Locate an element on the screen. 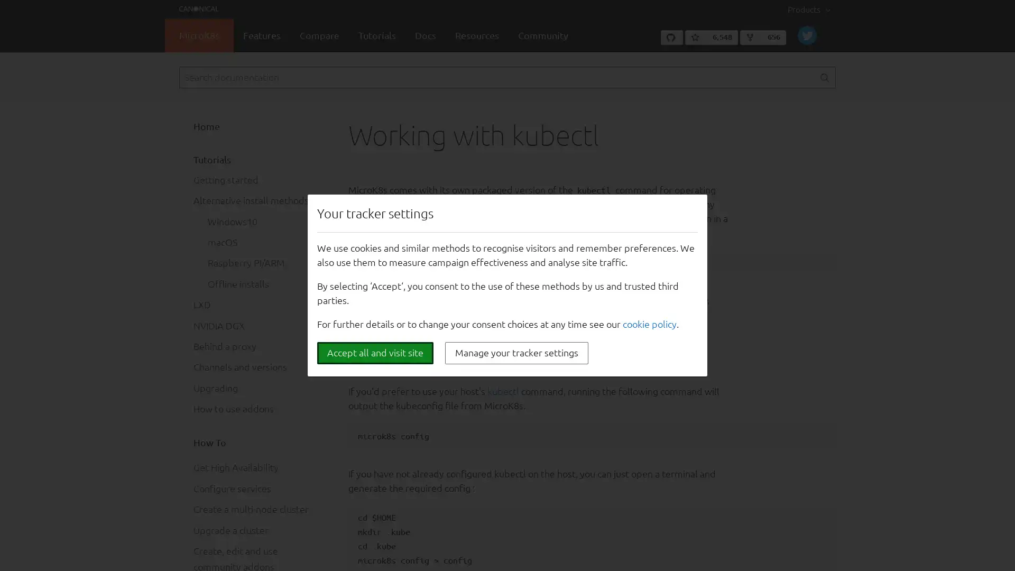 This screenshot has width=1015, height=571. Search is located at coordinates (824, 77).